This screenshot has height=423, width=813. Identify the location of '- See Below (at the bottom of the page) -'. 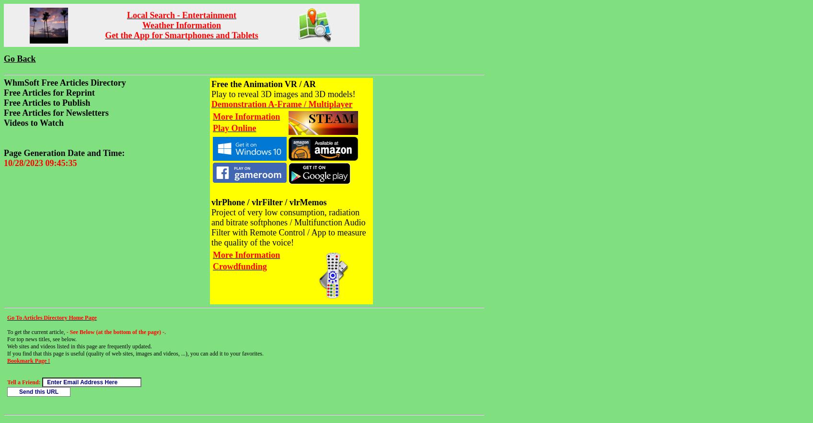
(66, 332).